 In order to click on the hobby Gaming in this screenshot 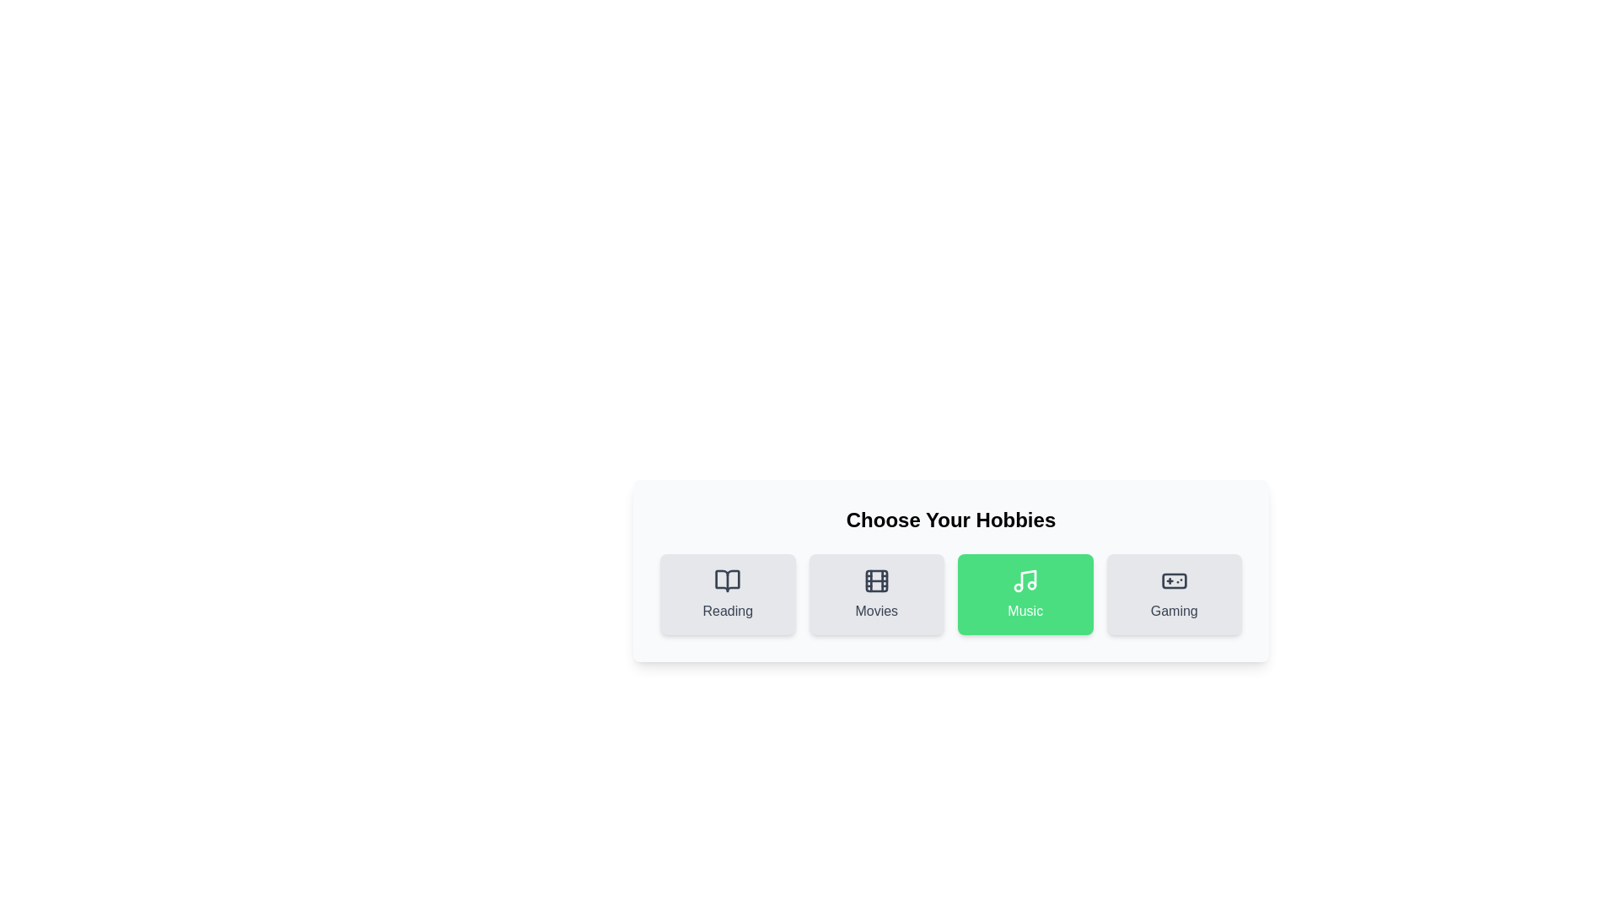, I will do `click(1173, 594)`.